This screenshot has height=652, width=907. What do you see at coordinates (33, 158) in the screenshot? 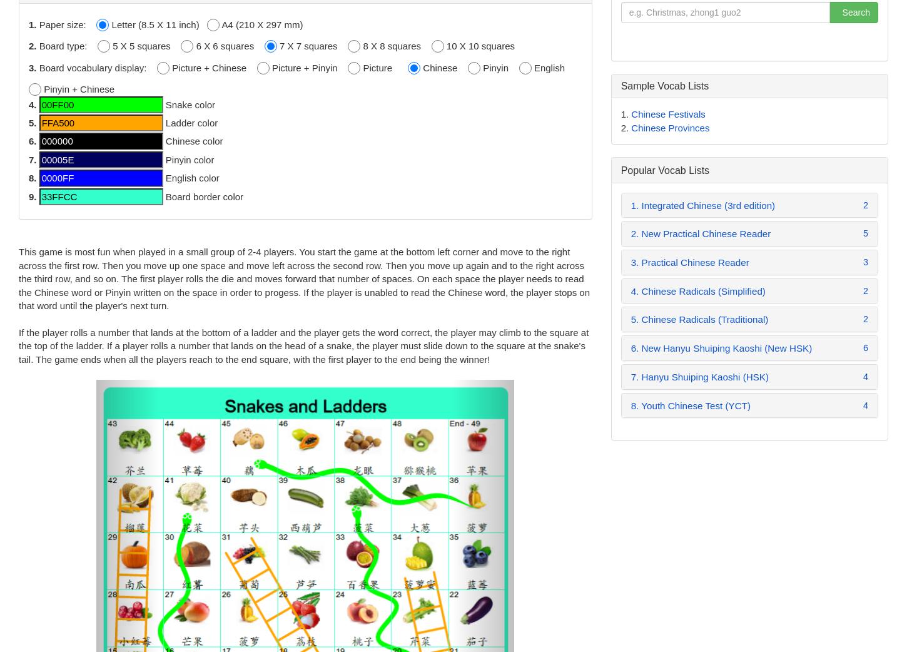
I see `'7.'` at bounding box center [33, 158].